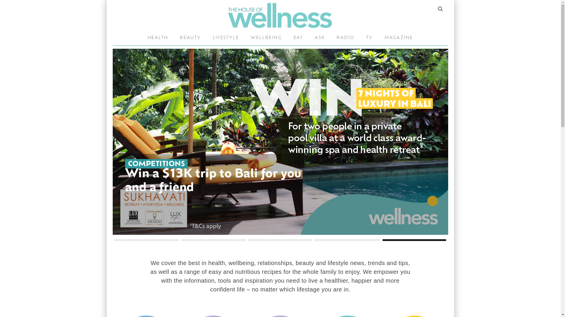  What do you see at coordinates (319, 38) in the screenshot?
I see `'ASK'` at bounding box center [319, 38].